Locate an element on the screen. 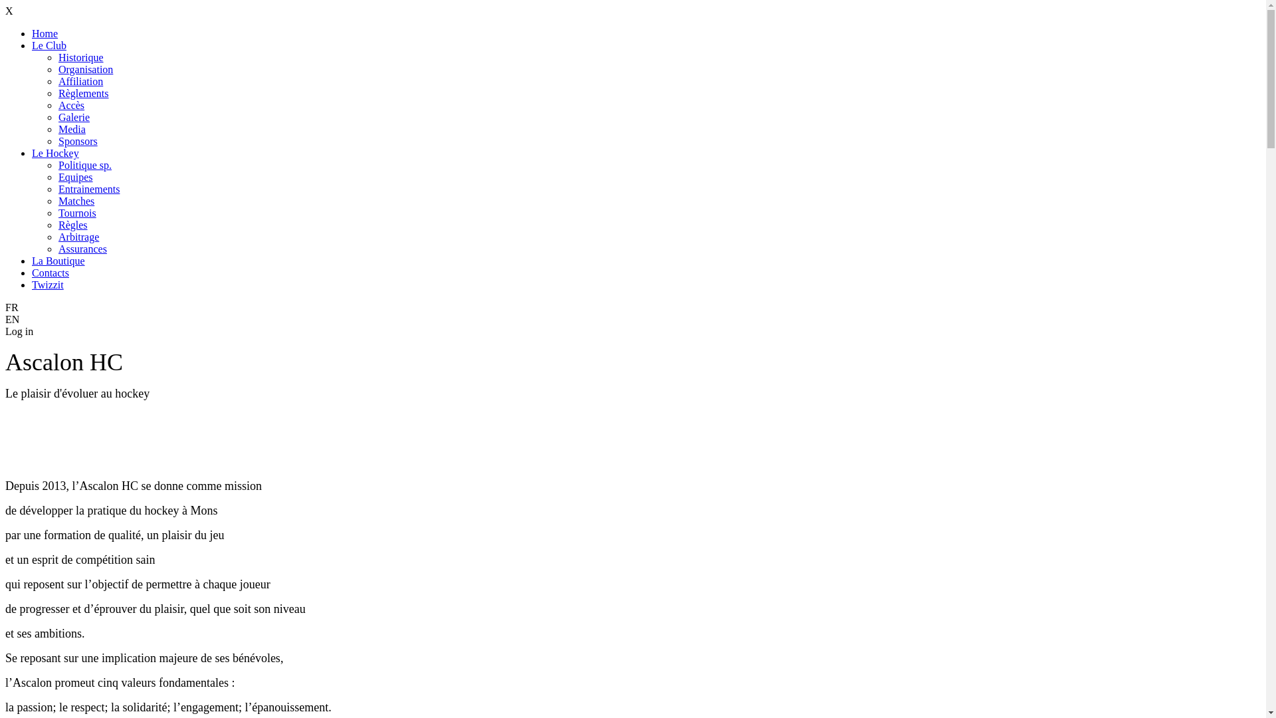  'Affiliation' is located at coordinates (80, 81).